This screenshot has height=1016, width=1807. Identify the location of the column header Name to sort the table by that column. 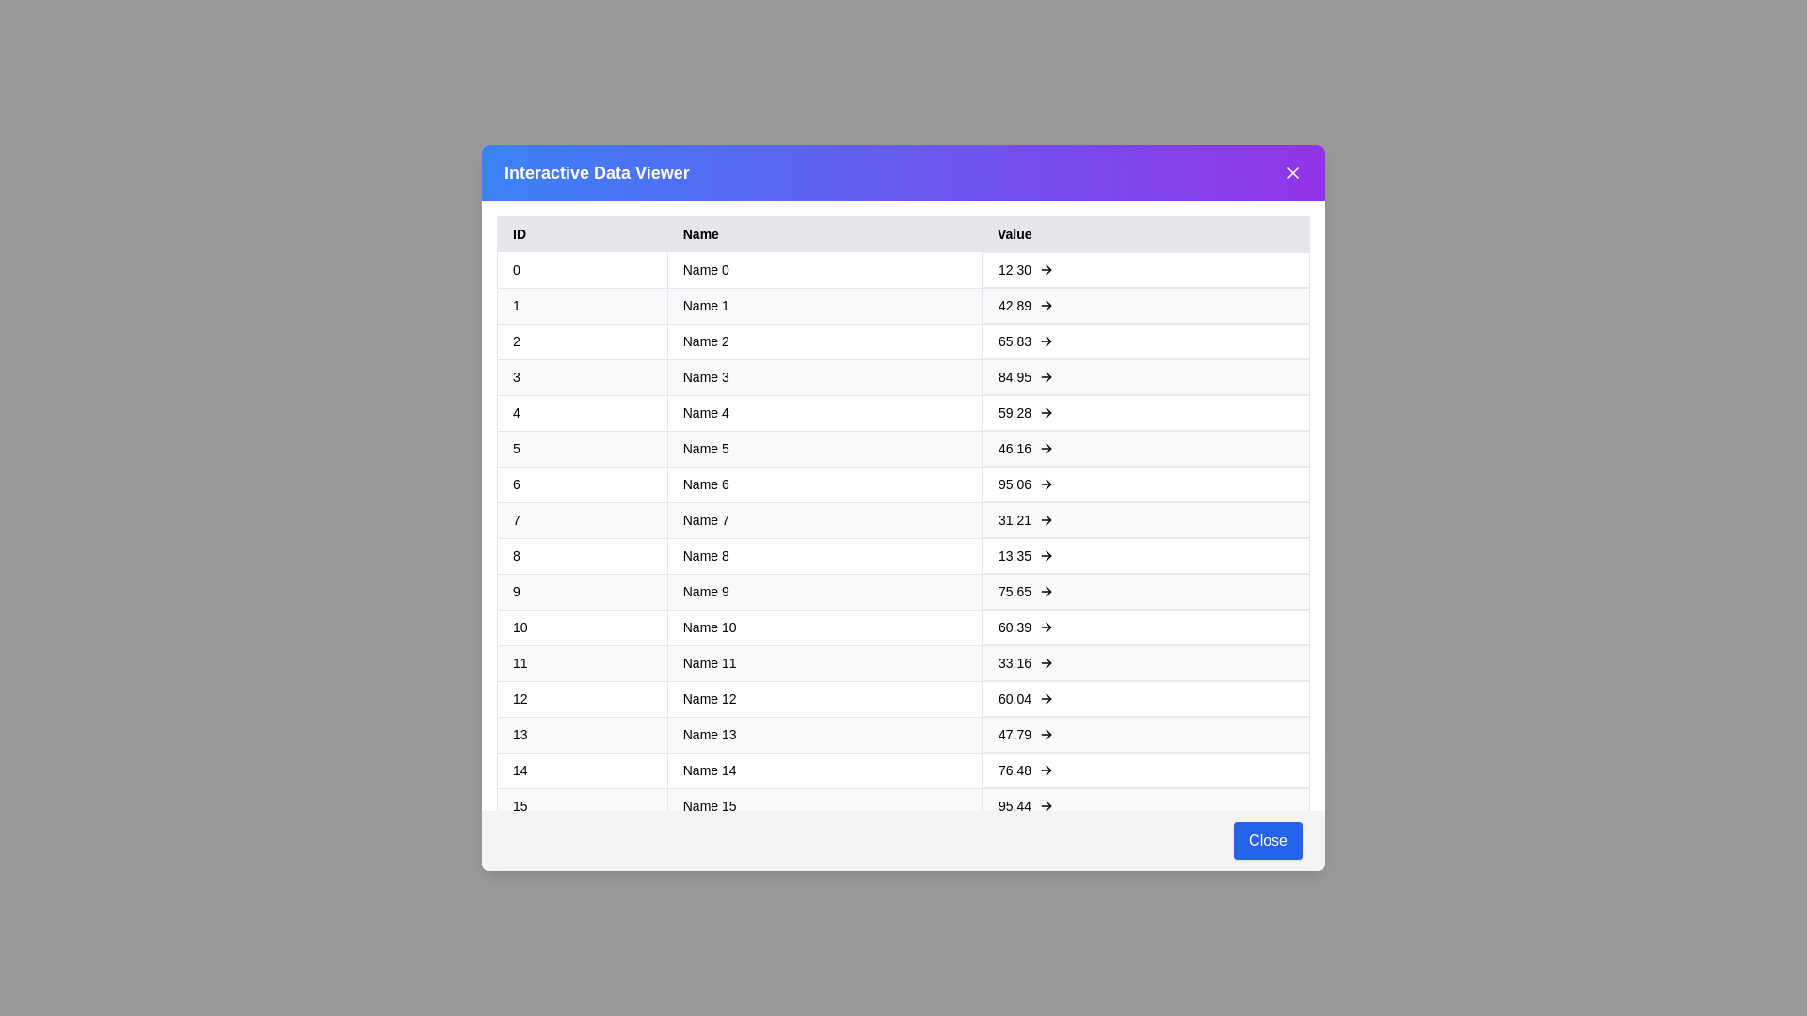
(824, 233).